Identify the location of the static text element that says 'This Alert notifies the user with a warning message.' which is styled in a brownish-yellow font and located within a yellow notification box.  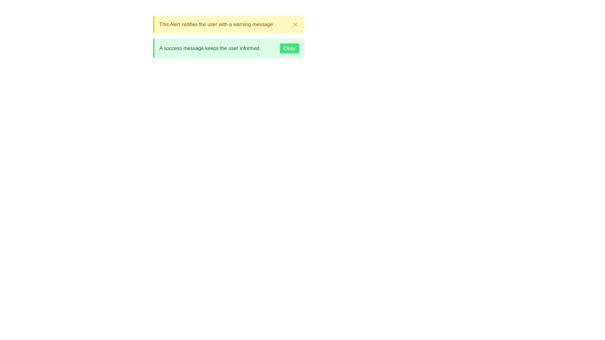
(216, 24).